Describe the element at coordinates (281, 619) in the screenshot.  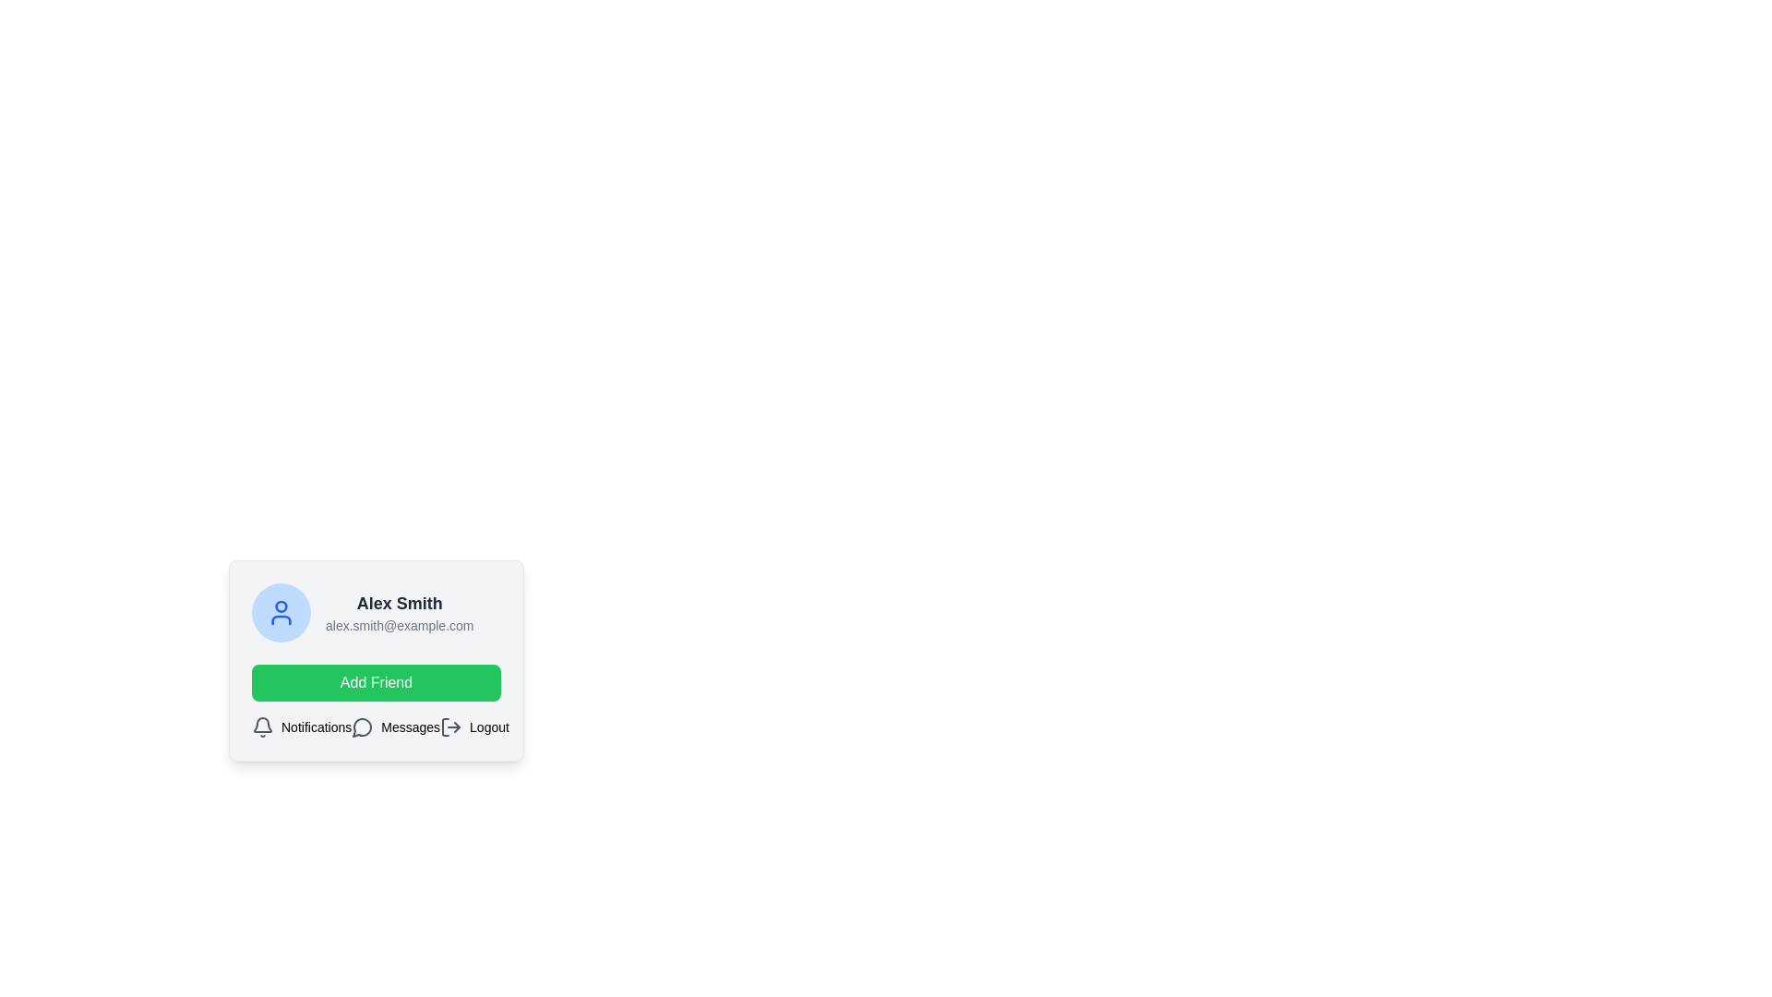
I see `the torso part of the person icon, which is a minimalist blue SVG shape located at the bottom of the circular icon` at that location.